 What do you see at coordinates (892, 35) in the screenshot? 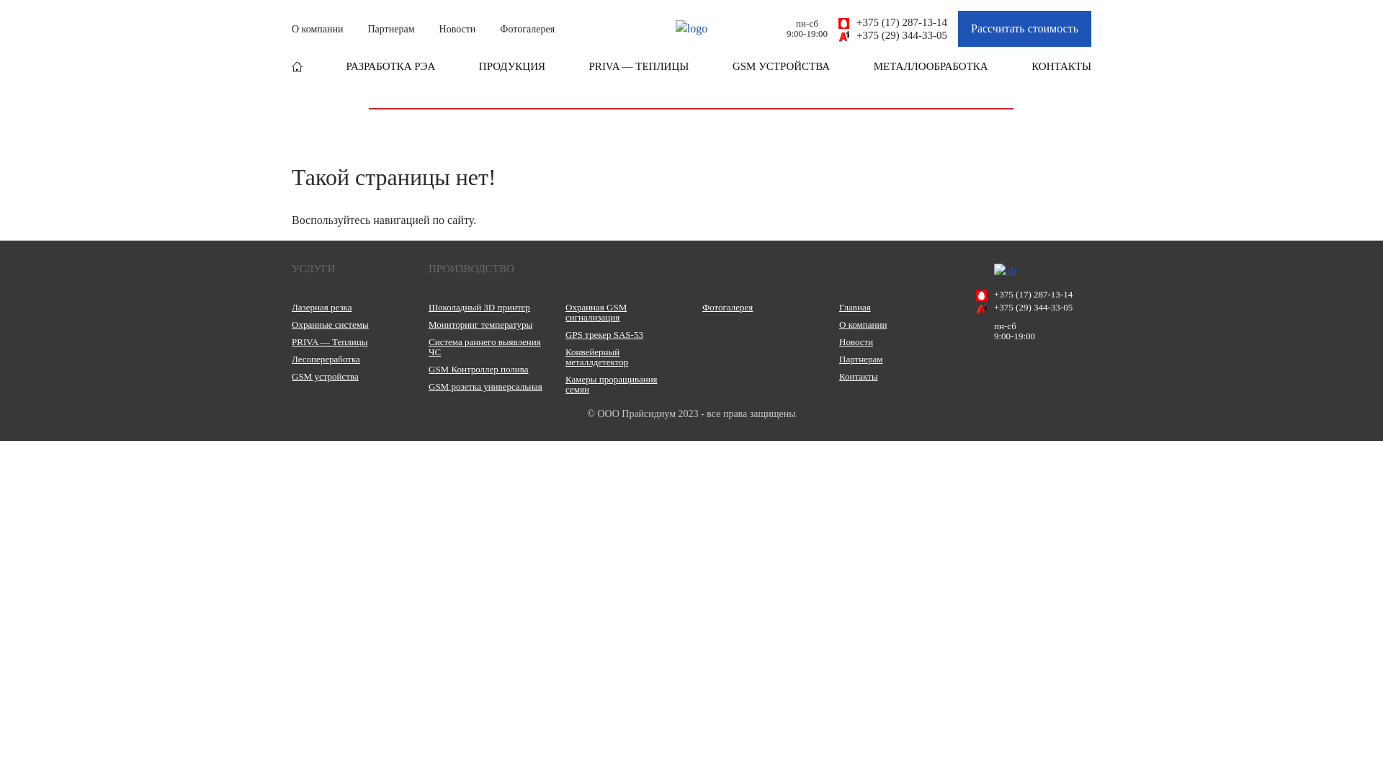
I see `'+375 (29) 344-33-05'` at bounding box center [892, 35].